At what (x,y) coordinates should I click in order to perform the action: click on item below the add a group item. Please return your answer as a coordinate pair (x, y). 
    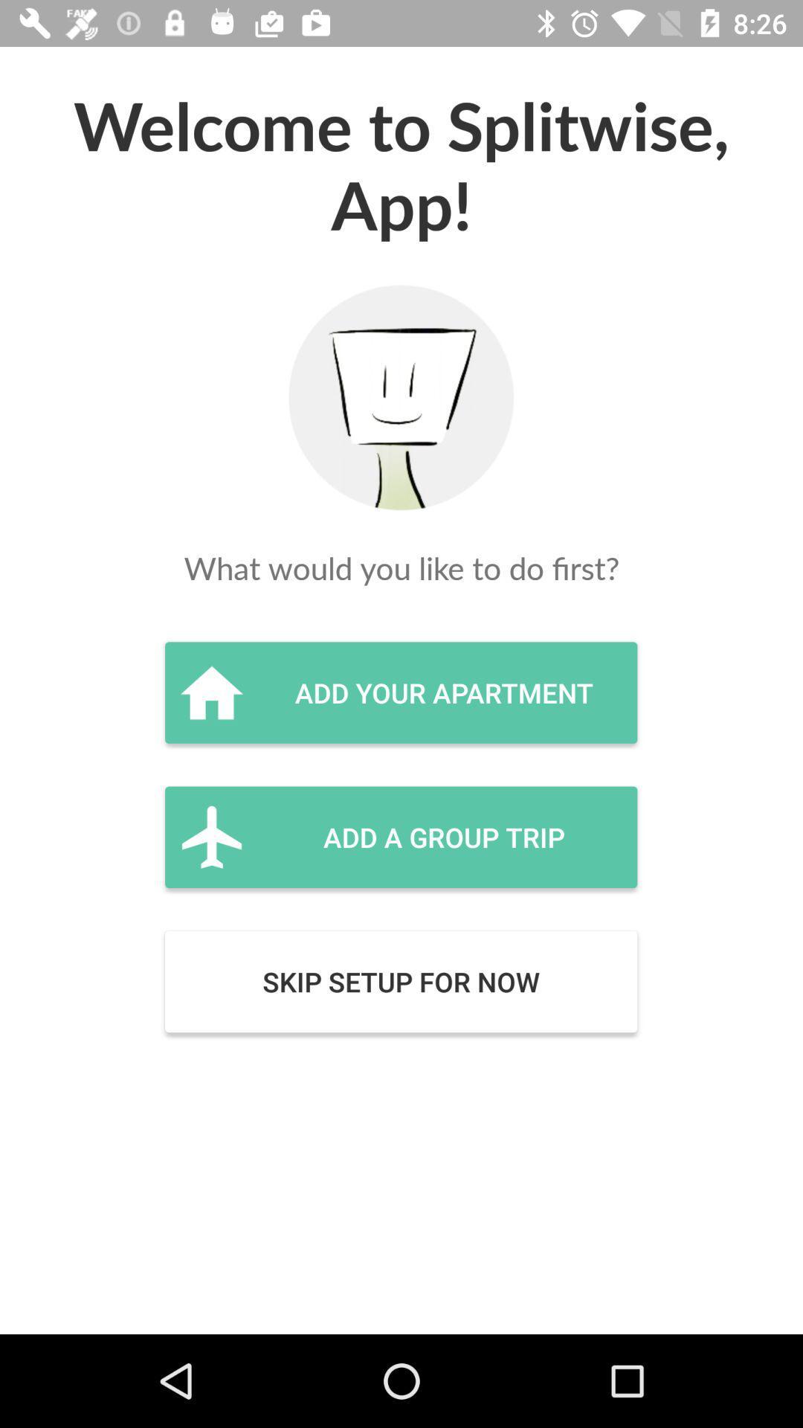
    Looking at the image, I should click on (400, 982).